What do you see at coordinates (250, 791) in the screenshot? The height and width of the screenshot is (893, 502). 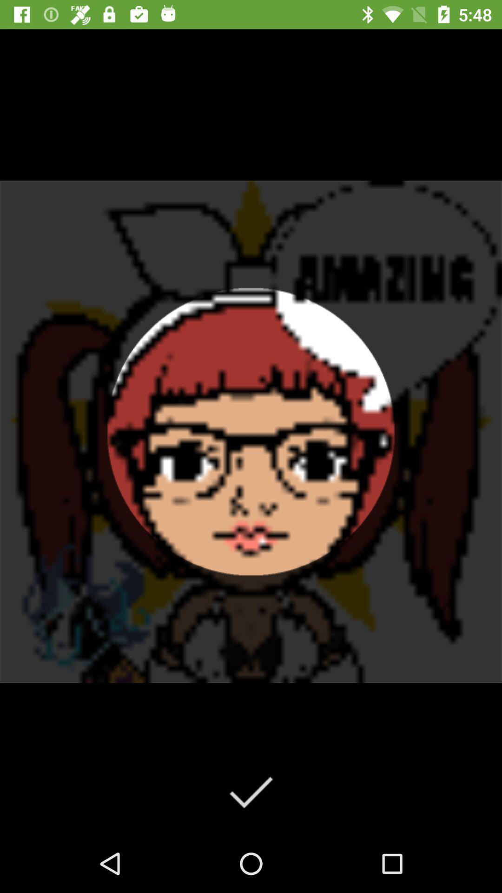 I see `done simpal` at bounding box center [250, 791].